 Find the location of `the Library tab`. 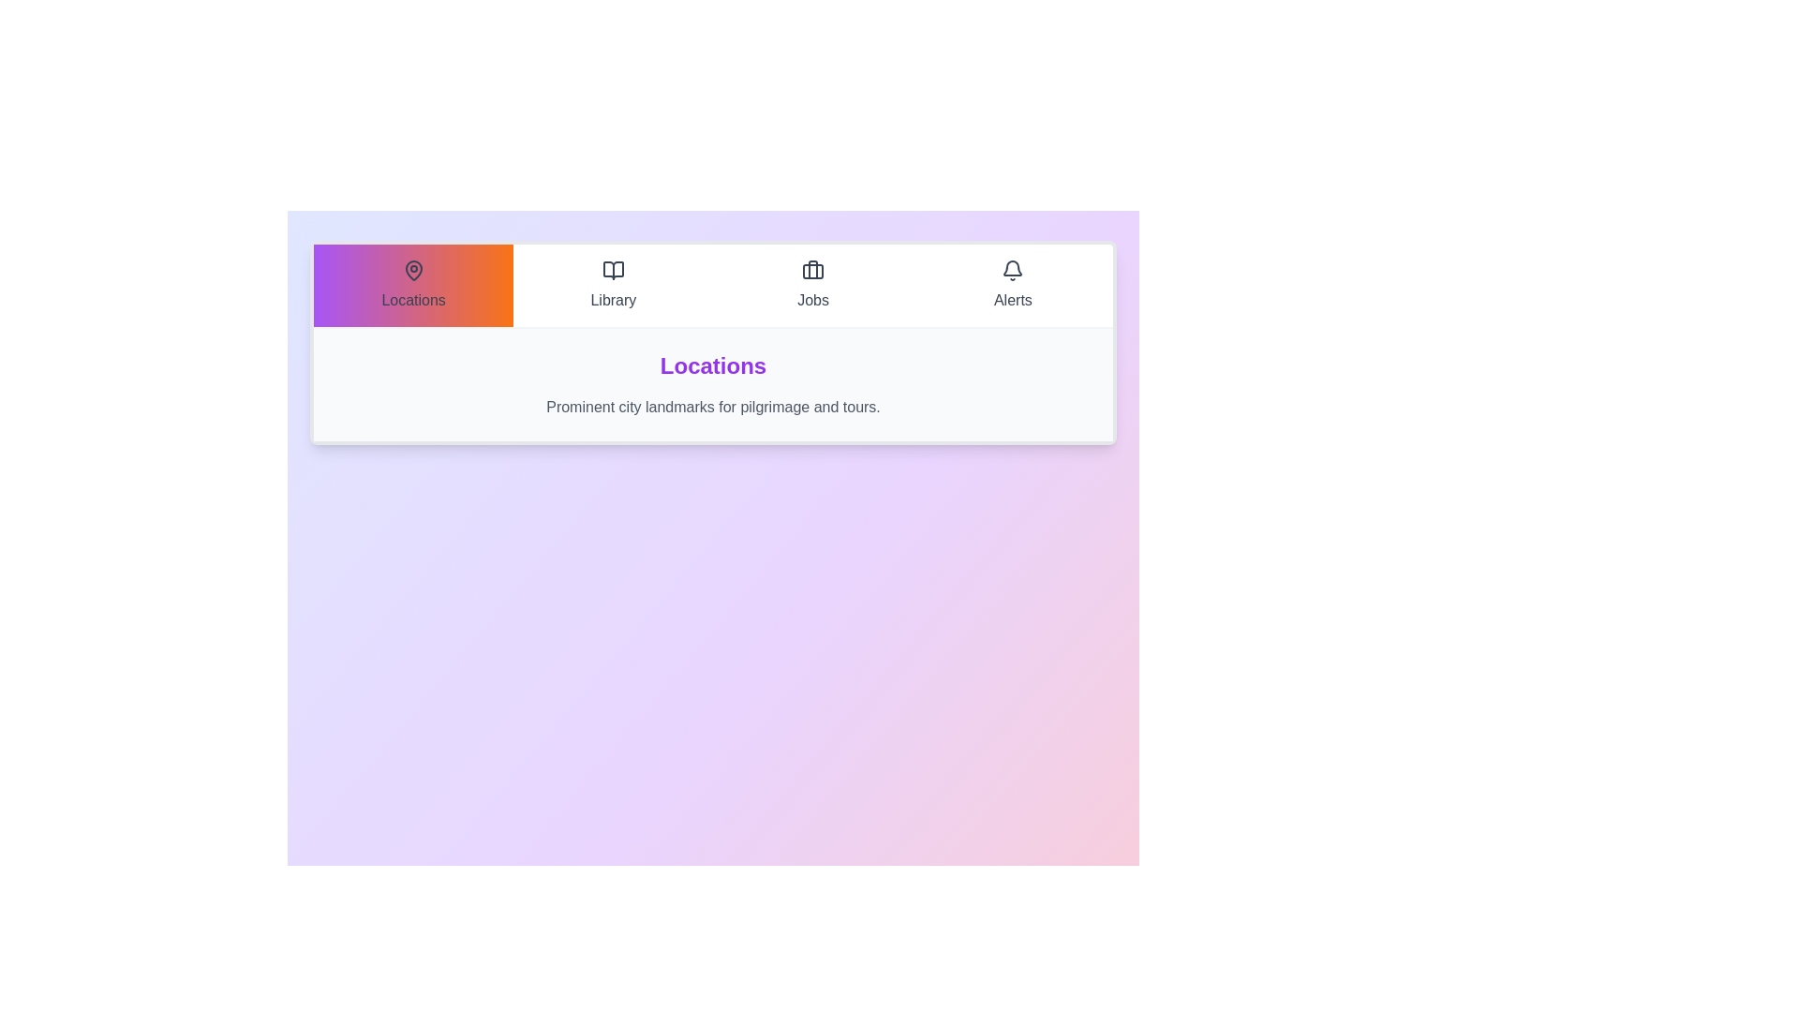

the Library tab is located at coordinates (613, 285).